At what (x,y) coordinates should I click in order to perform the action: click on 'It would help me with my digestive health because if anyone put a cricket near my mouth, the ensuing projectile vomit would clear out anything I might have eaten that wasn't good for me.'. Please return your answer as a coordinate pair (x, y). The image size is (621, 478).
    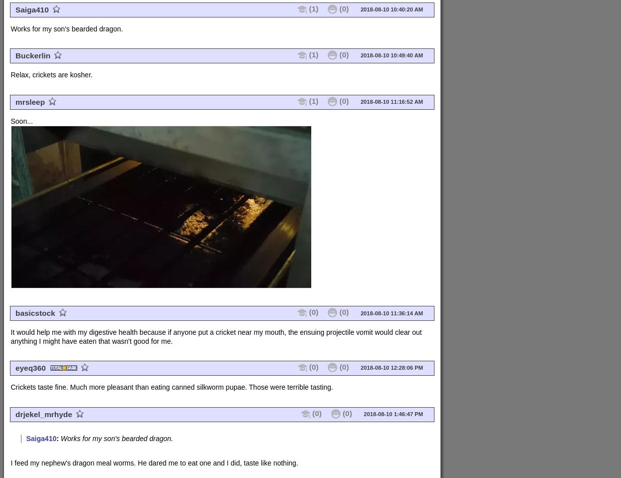
    Looking at the image, I should click on (10, 336).